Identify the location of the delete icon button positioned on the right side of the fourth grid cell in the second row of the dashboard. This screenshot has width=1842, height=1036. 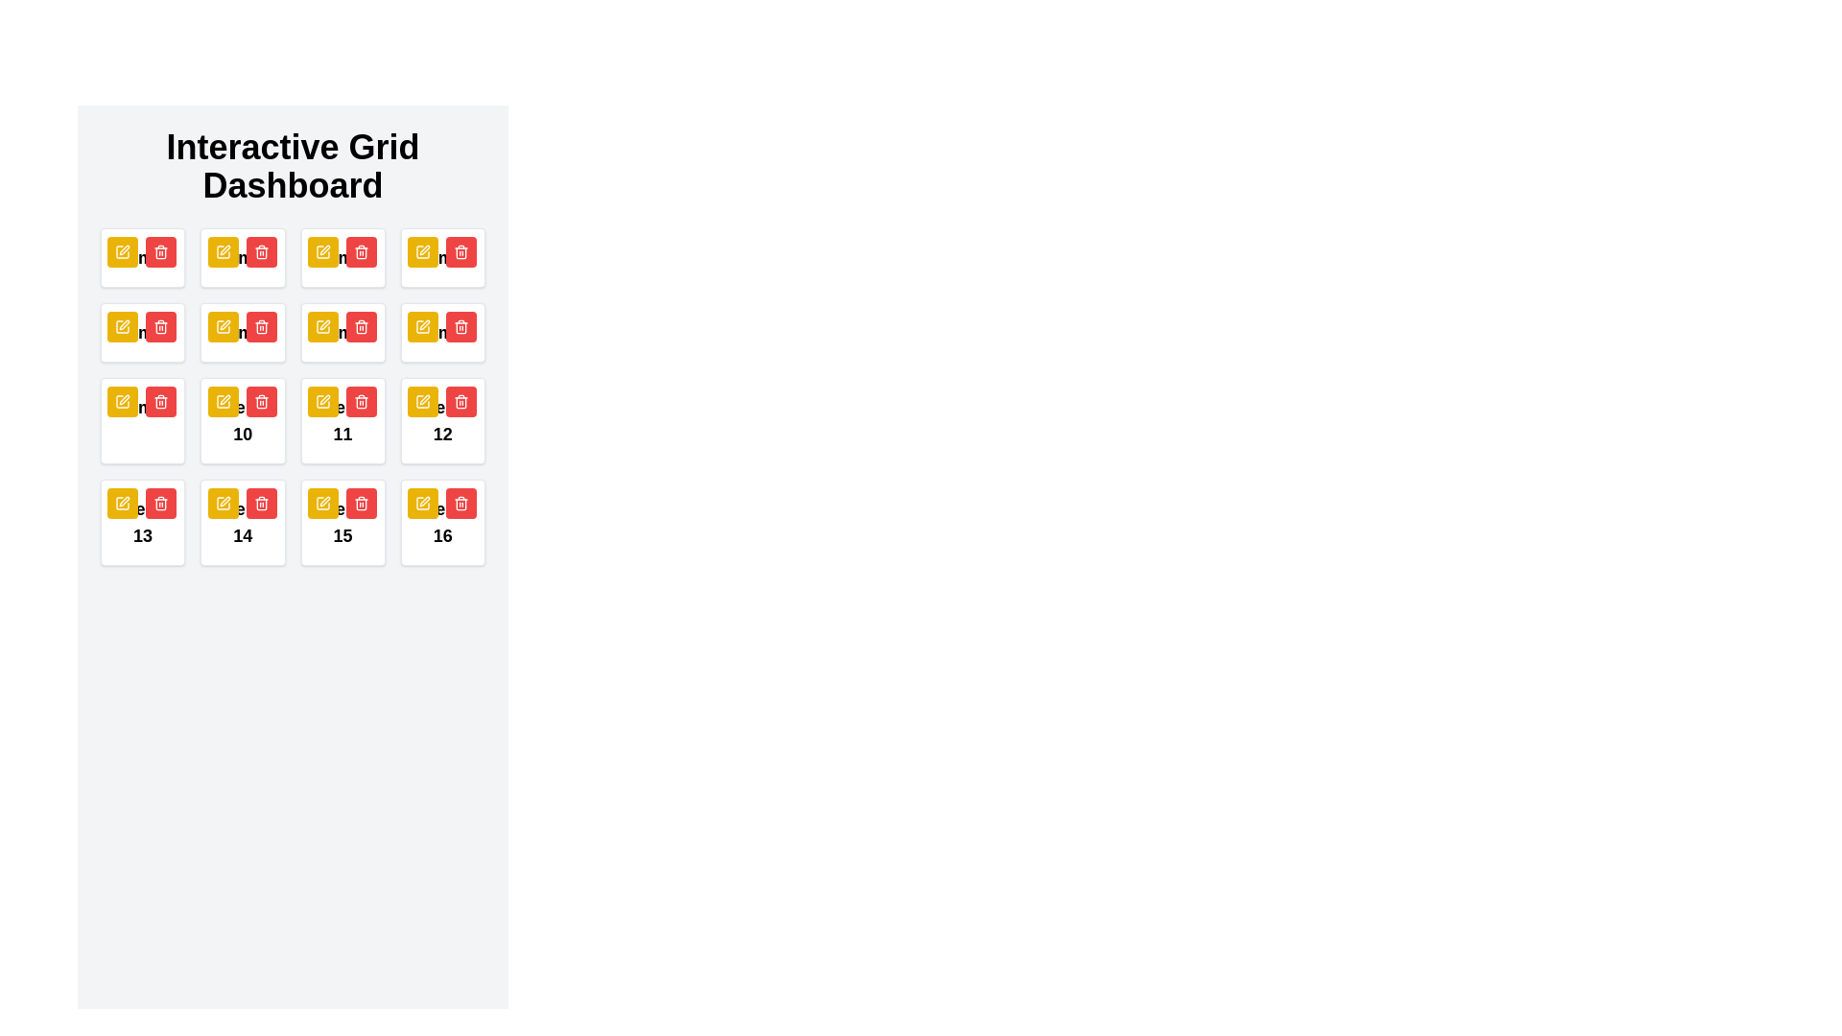
(161, 401).